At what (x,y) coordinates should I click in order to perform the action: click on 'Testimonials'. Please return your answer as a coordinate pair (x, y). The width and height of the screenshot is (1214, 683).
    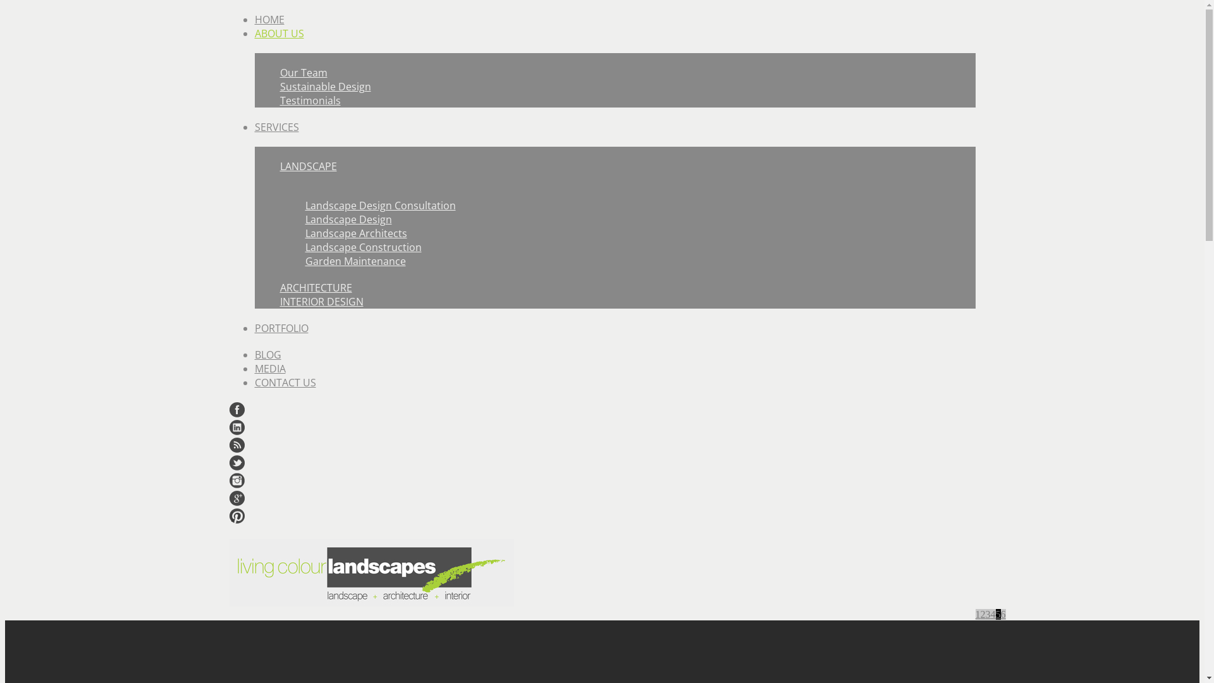
    Looking at the image, I should click on (309, 99).